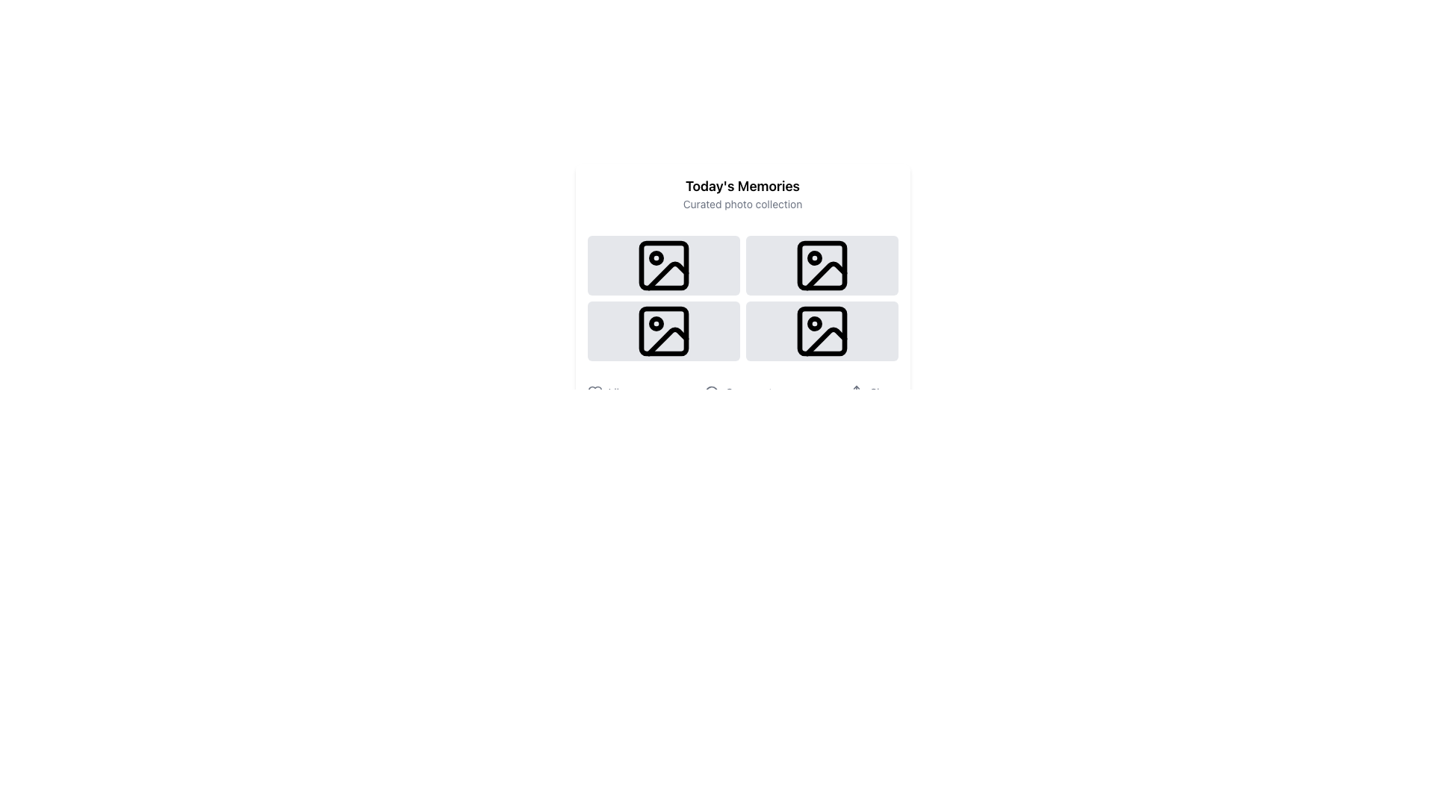 The height and width of the screenshot is (806, 1434). Describe the element at coordinates (656, 257) in the screenshot. I see `the small circular decorative element within the top-left image placeholder icon in the SVG grid` at that location.